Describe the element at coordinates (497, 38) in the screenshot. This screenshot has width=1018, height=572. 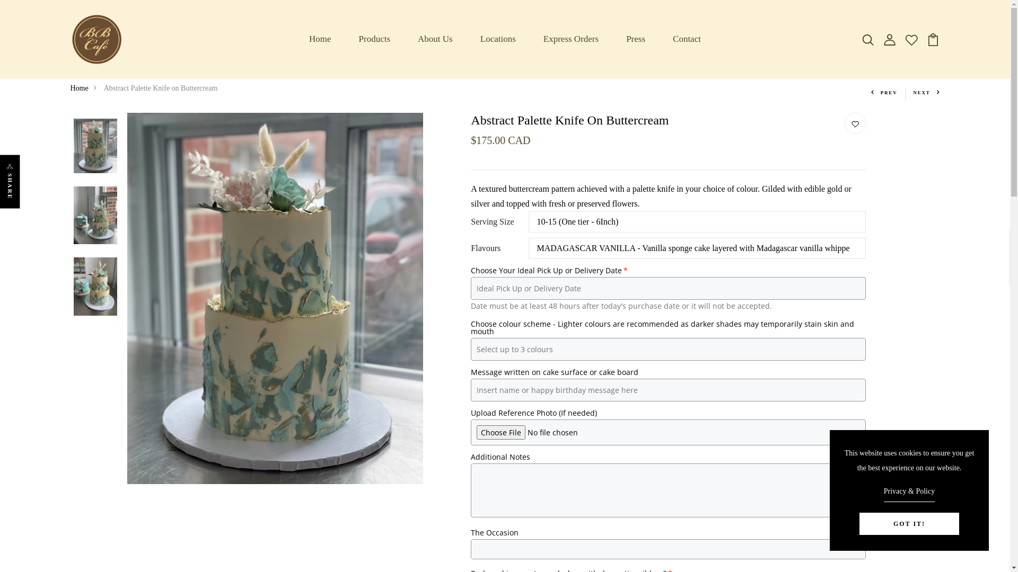
I see `'Locations'` at that location.